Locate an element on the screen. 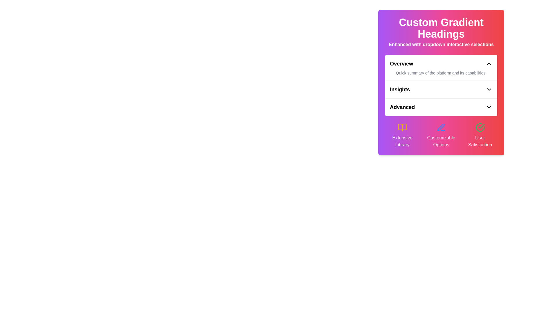 This screenshot has height=313, width=557. the blue stylized pen icon, which is the middle icon of the three located at the bottom of the 'Custom Gradient Headings' card UI is located at coordinates (441, 127).